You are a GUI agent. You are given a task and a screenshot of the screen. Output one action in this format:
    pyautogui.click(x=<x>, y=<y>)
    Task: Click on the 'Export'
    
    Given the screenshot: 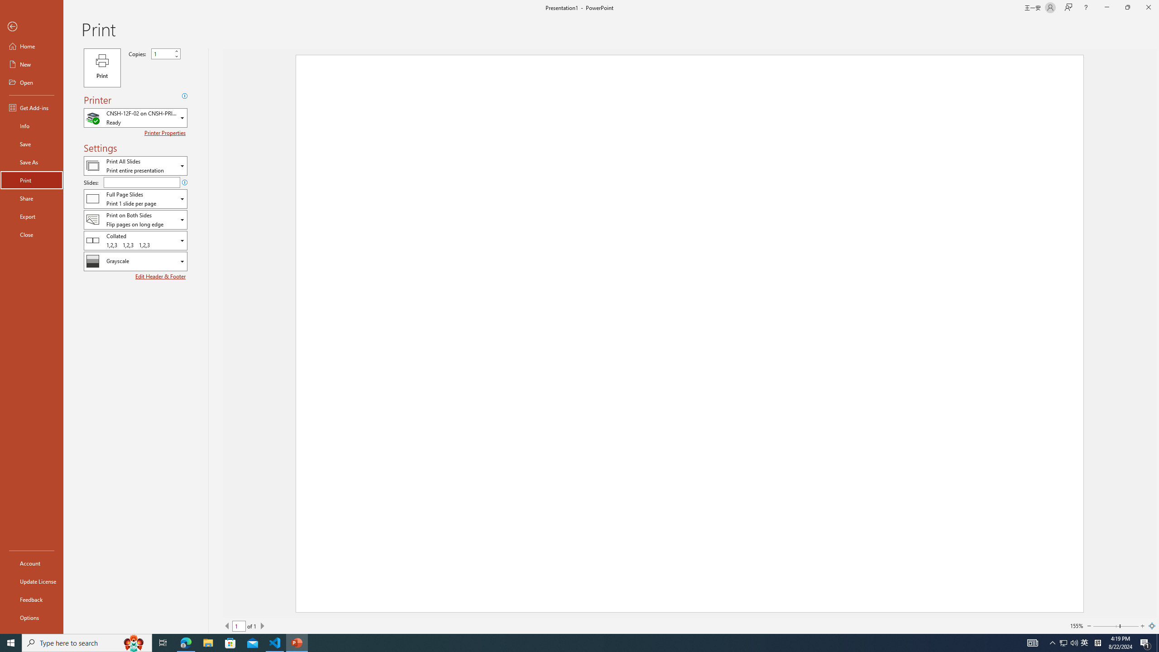 What is the action you would take?
    pyautogui.click(x=31, y=216)
    